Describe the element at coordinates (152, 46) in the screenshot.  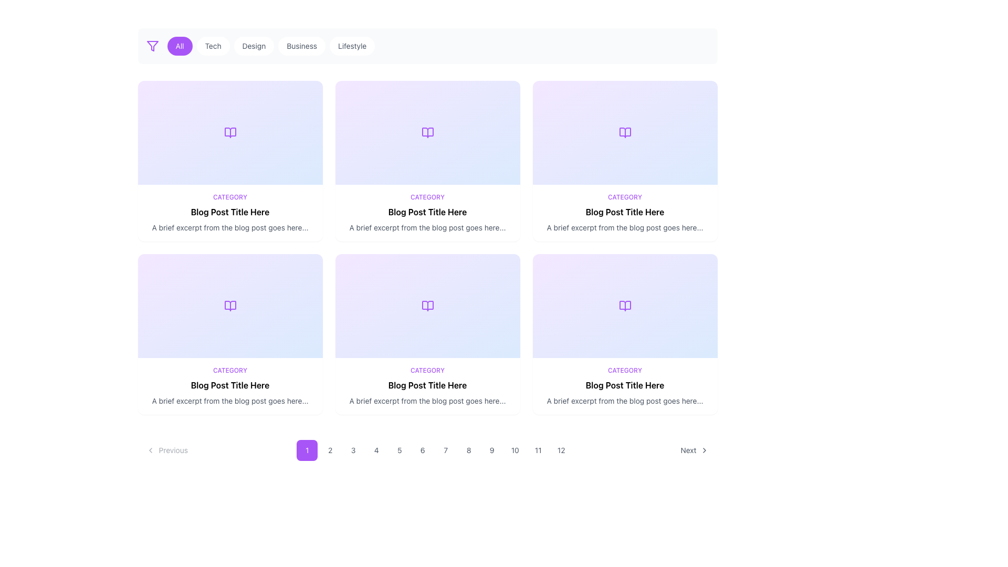
I see `the filtering icon located in the top left corner of the navigation bar` at that location.